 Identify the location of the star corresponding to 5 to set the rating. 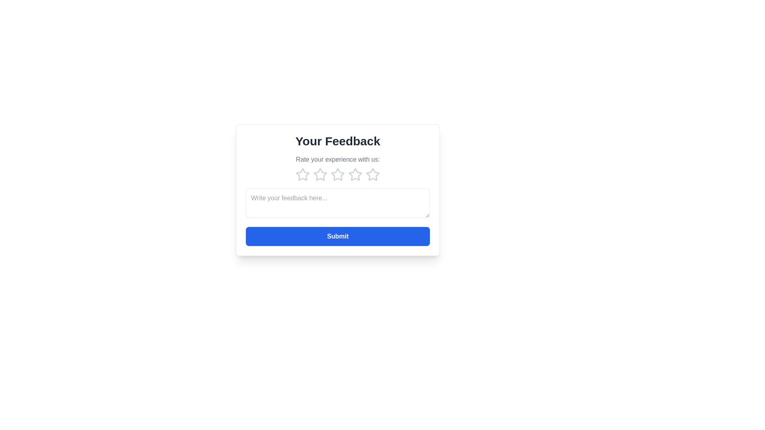
(373, 174).